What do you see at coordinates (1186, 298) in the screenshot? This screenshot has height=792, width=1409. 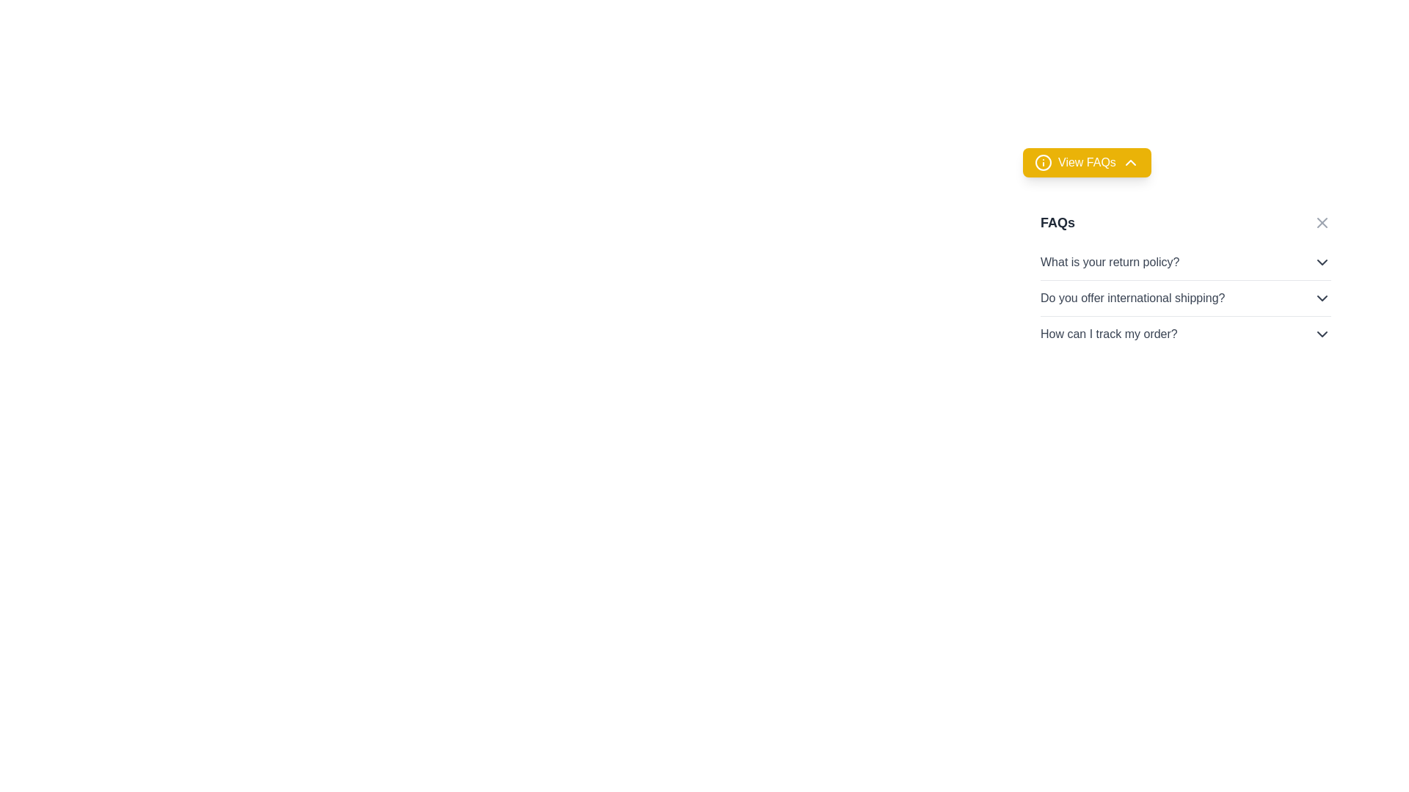 I see `the interactive FAQ item labeled 'Do you offer international shipping?'` at bounding box center [1186, 298].